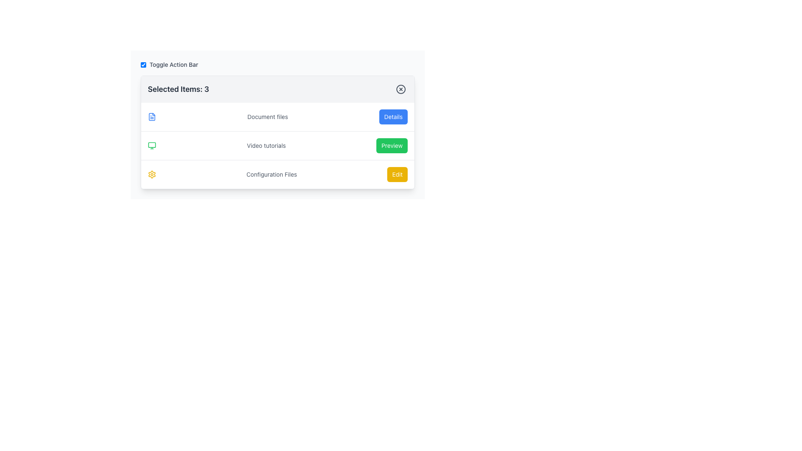 The image size is (802, 451). What do you see at coordinates (401, 89) in the screenshot?
I see `the close button located at the top-right corner of the panel labeled 'Selected Items: 3'` at bounding box center [401, 89].